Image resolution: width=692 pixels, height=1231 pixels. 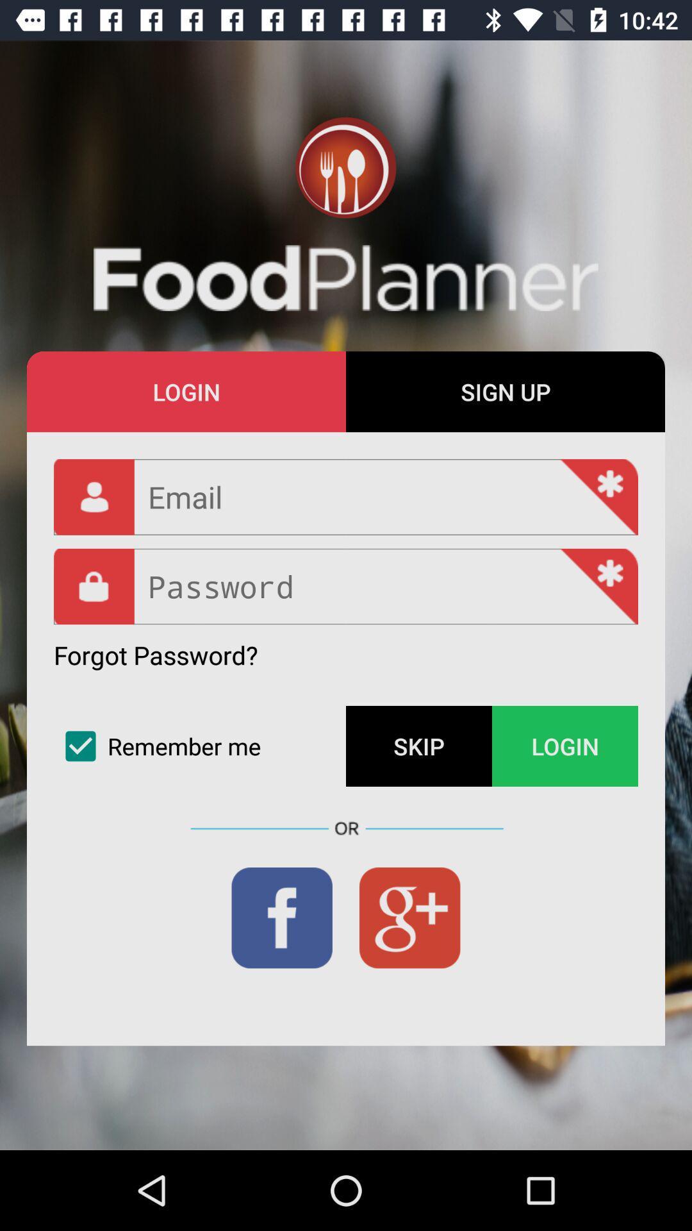 What do you see at coordinates (346, 496) in the screenshot?
I see `email` at bounding box center [346, 496].